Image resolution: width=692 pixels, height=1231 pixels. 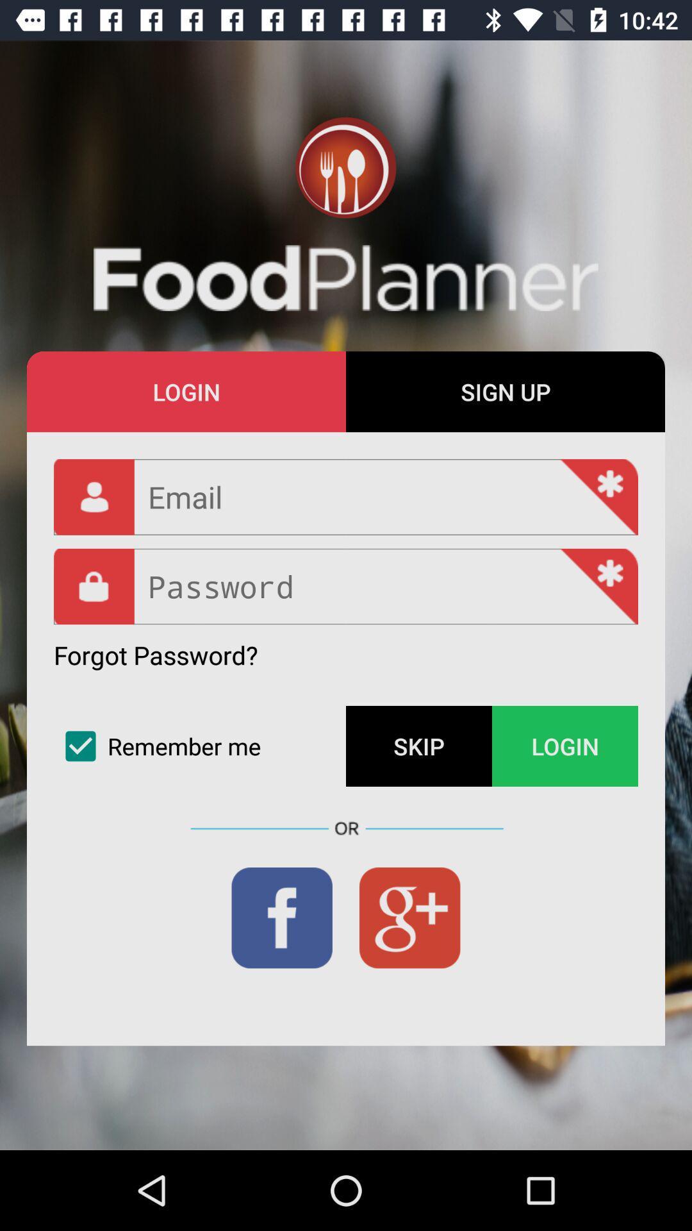 What do you see at coordinates (346, 496) in the screenshot?
I see `email` at bounding box center [346, 496].